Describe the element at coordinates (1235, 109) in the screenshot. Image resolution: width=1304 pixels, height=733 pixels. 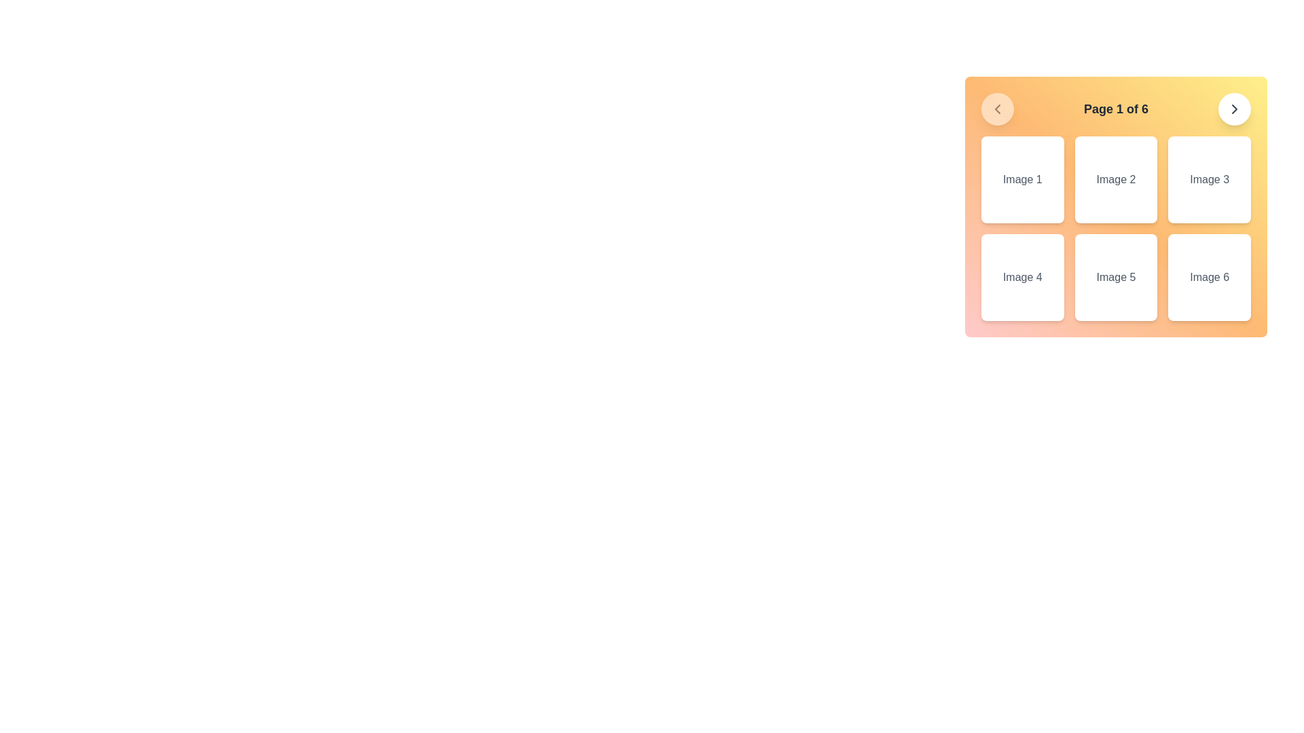
I see `the navigation icon located inside the circular white button at the top-right corner of the content card area to proceed to the next set of content or images` at that location.